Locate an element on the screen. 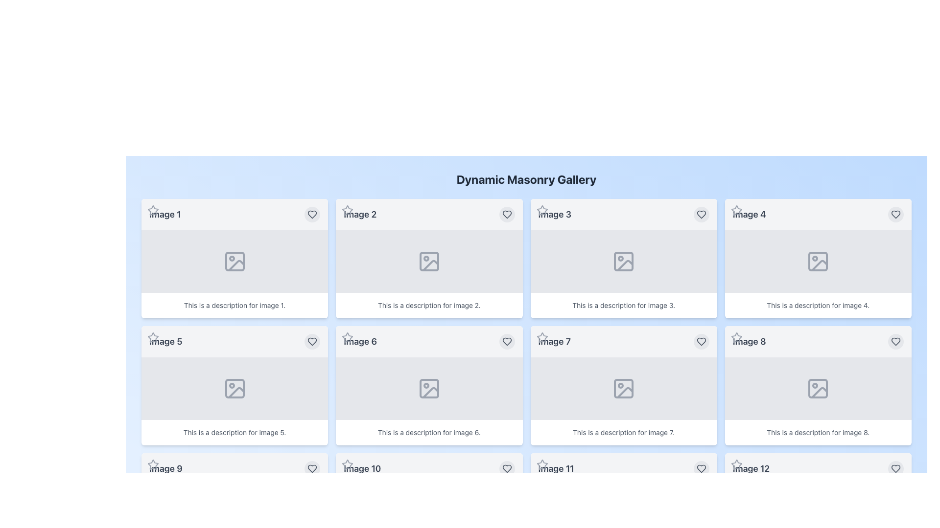 The height and width of the screenshot is (528, 940). the text label displaying 'Image 4' in gray color is located at coordinates (749, 214).